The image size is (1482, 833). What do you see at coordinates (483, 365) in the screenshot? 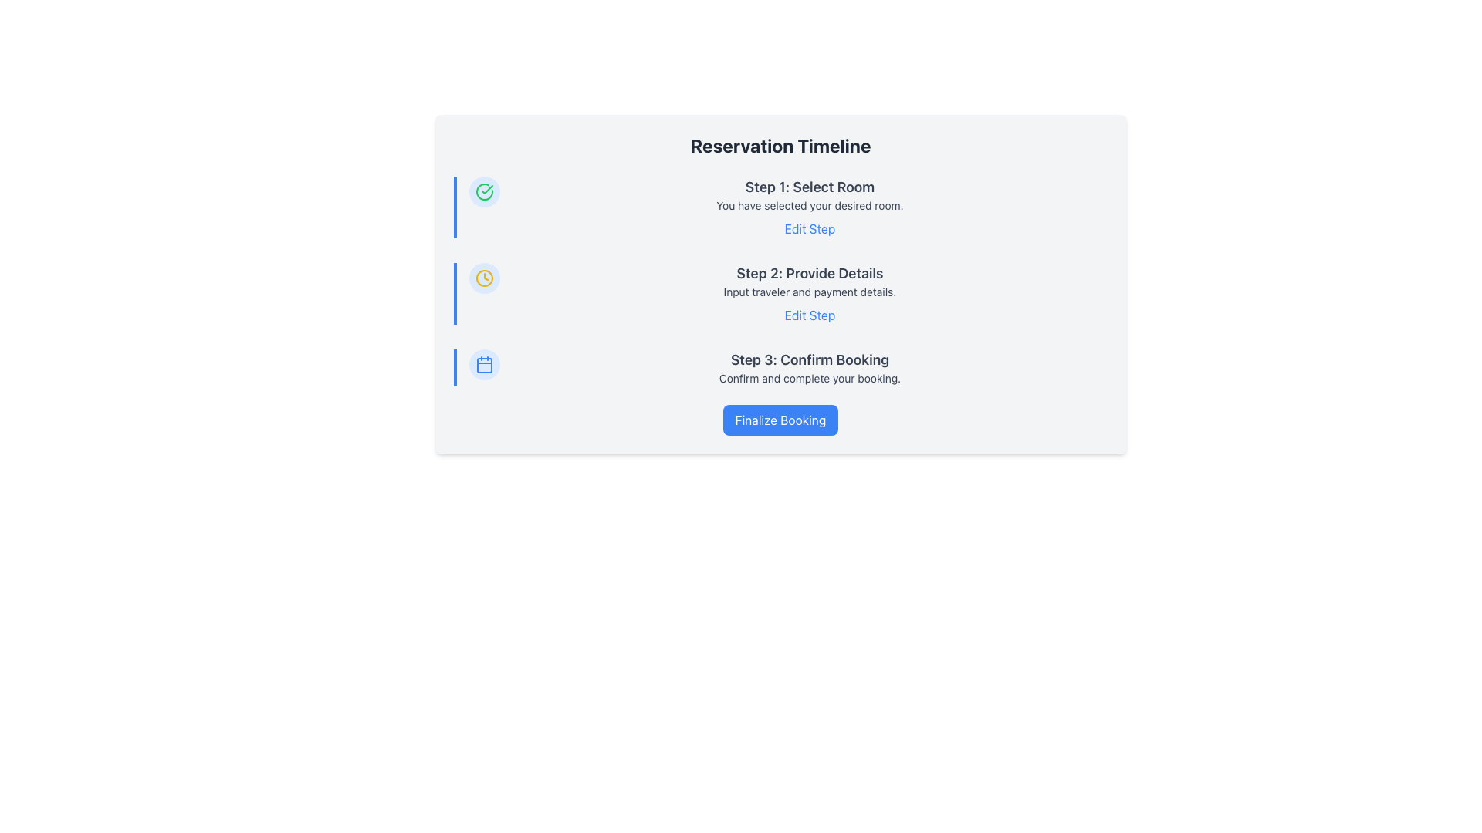
I see `the calendar icon representing the 'Step 3: Confirm Booking' stage in the reservation timeline for visual recognition` at bounding box center [483, 365].